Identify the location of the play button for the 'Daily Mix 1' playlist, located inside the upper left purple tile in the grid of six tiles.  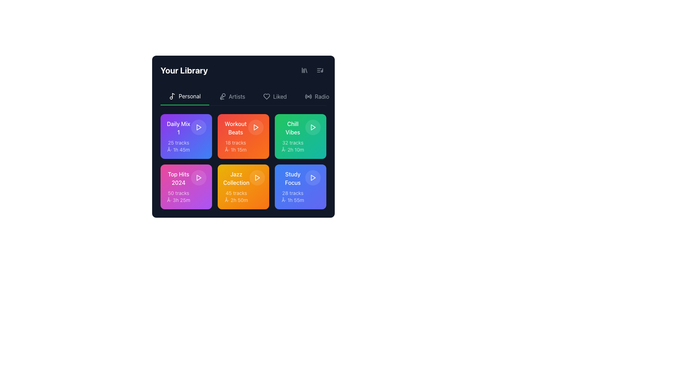
(198, 127).